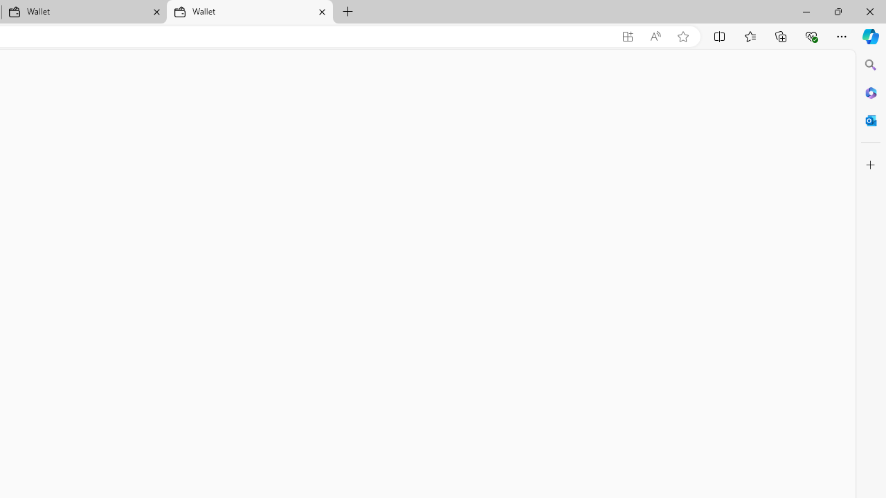  Describe the element at coordinates (249, 12) in the screenshot. I see `'Wallet'` at that location.